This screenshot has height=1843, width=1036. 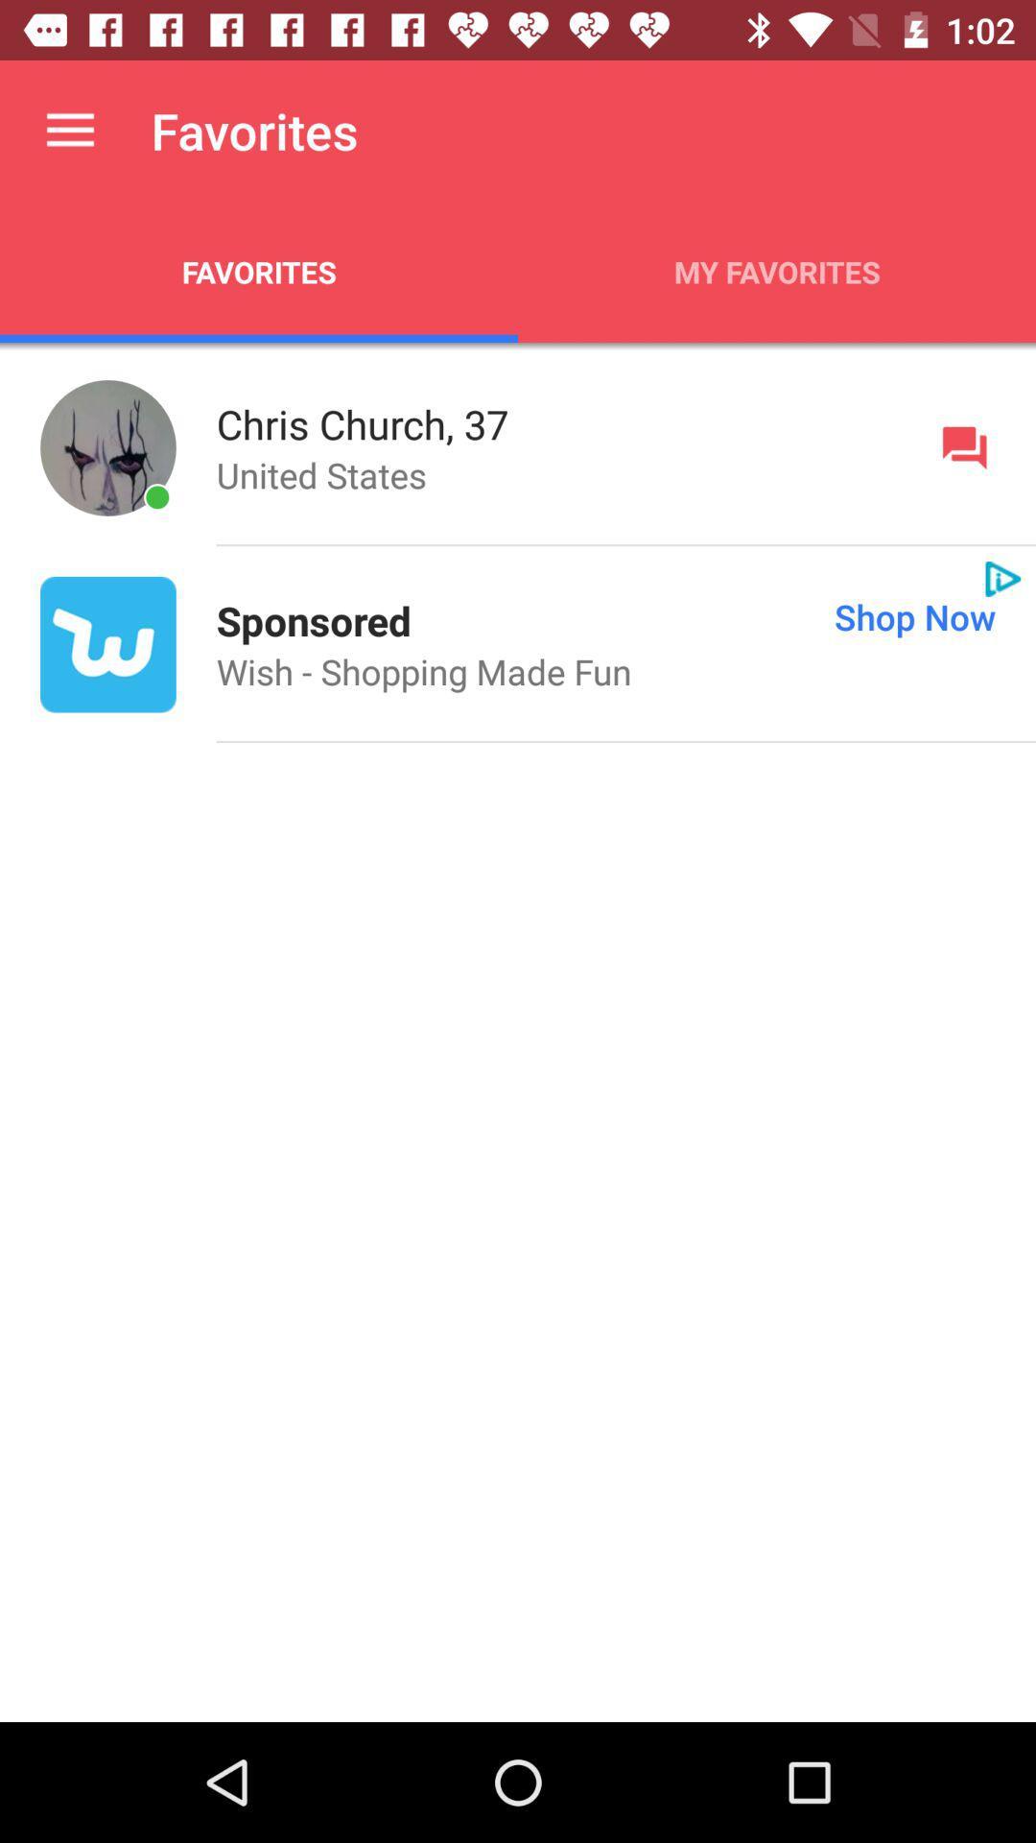 I want to click on sponsored app, so click(x=313, y=620).